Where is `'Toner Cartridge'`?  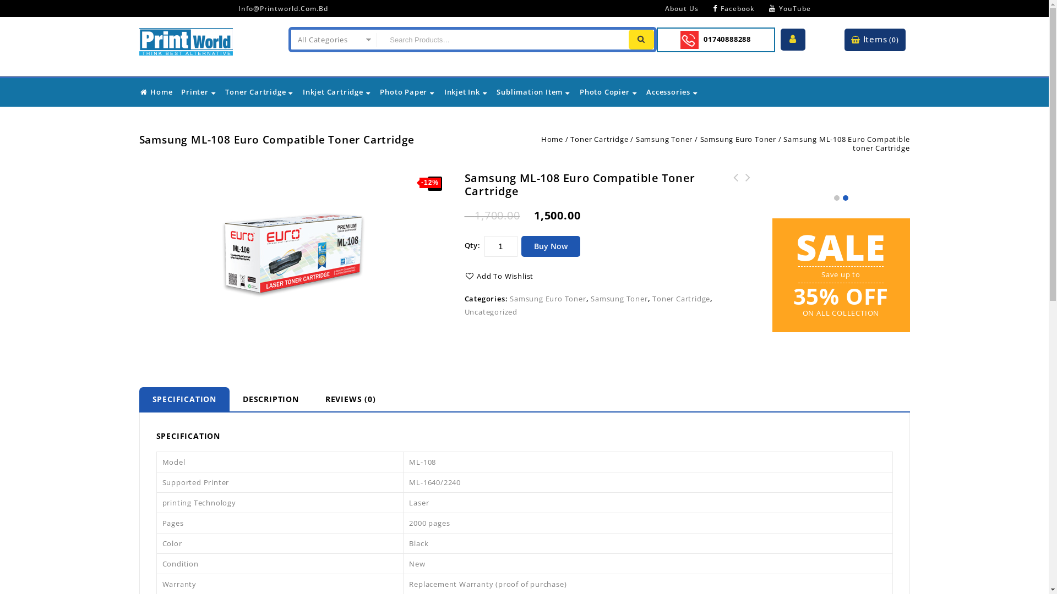
'Toner Cartridge' is located at coordinates (259, 91).